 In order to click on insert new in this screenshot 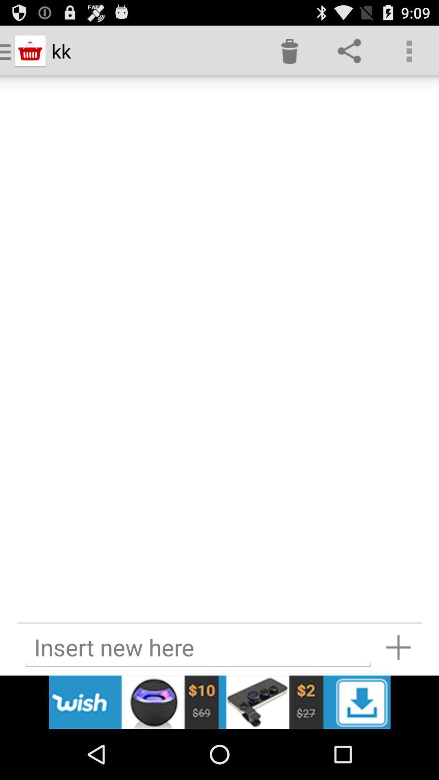, I will do `click(398, 647)`.